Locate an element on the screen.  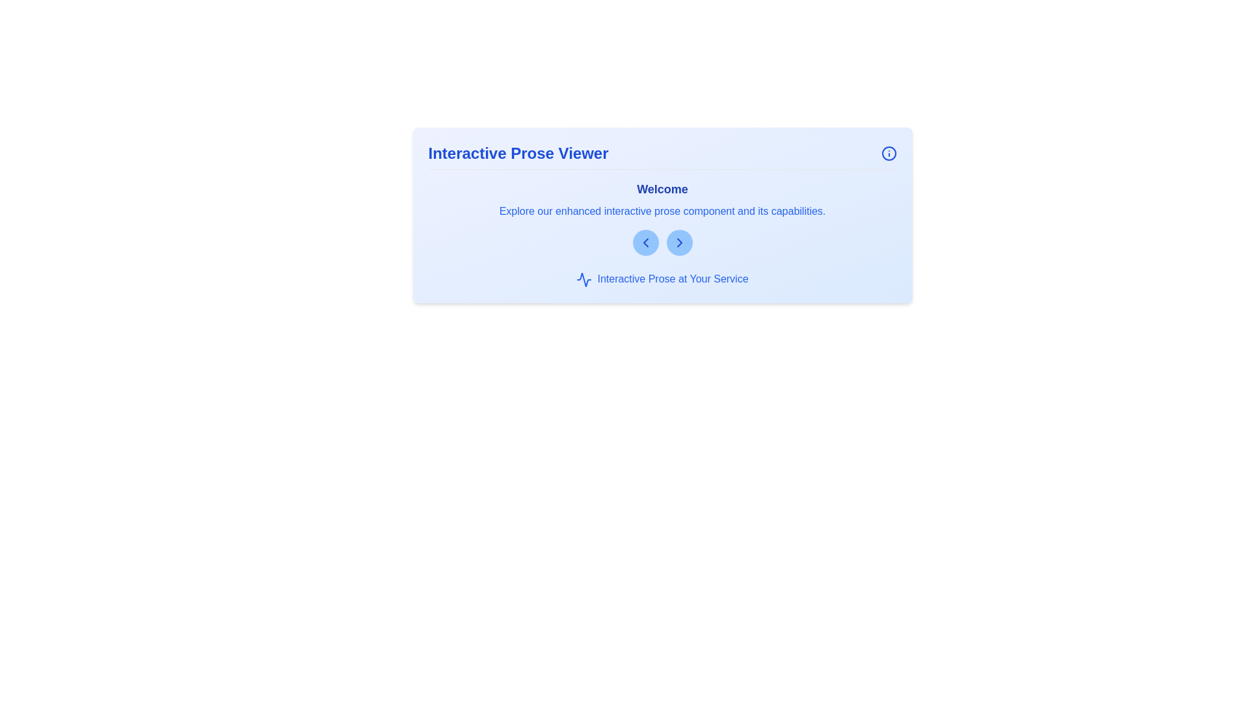
the left-pointing arrow SVG icon located in the middle of the panel under the 'Welcome' heading to potentially reveal additional information or highlight the element is located at coordinates (645, 243).